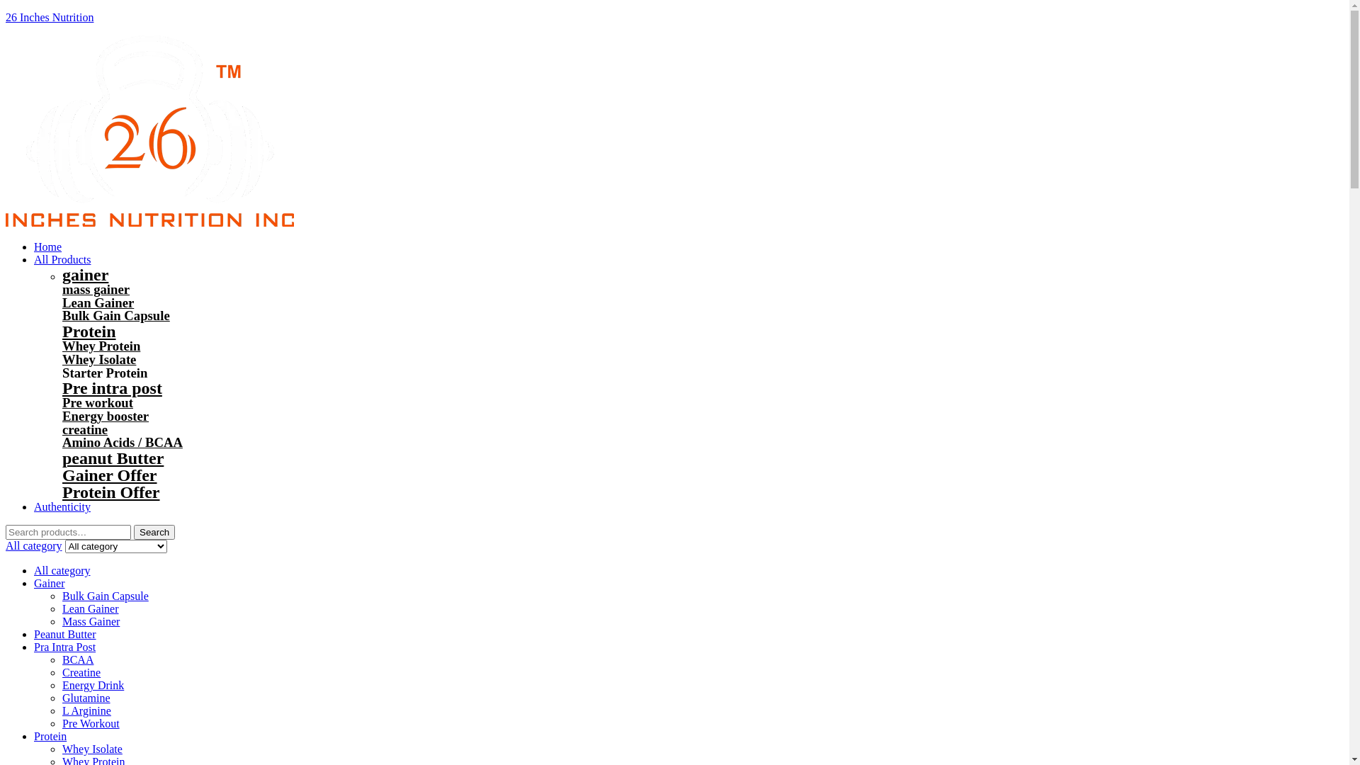  I want to click on 'mass gainer', so click(95, 288).